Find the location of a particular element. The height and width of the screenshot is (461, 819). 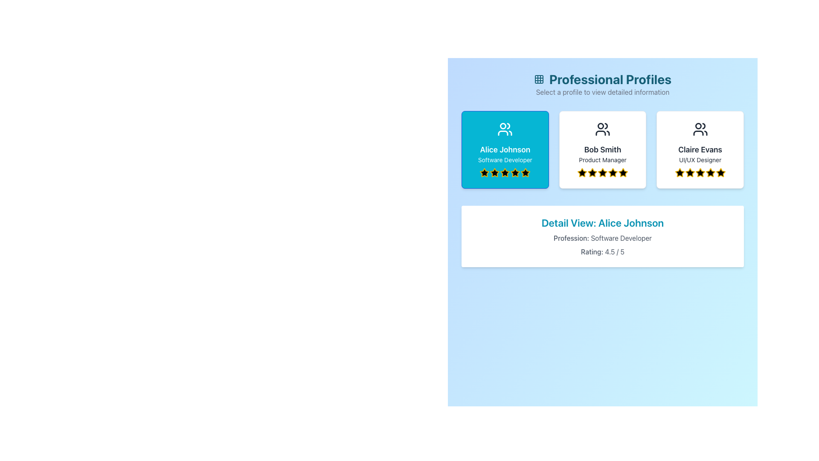

the 'Product Manager' text label located within the 'Bob Smith' card, which is centered below the name and above the star-rating icons is located at coordinates (602, 160).